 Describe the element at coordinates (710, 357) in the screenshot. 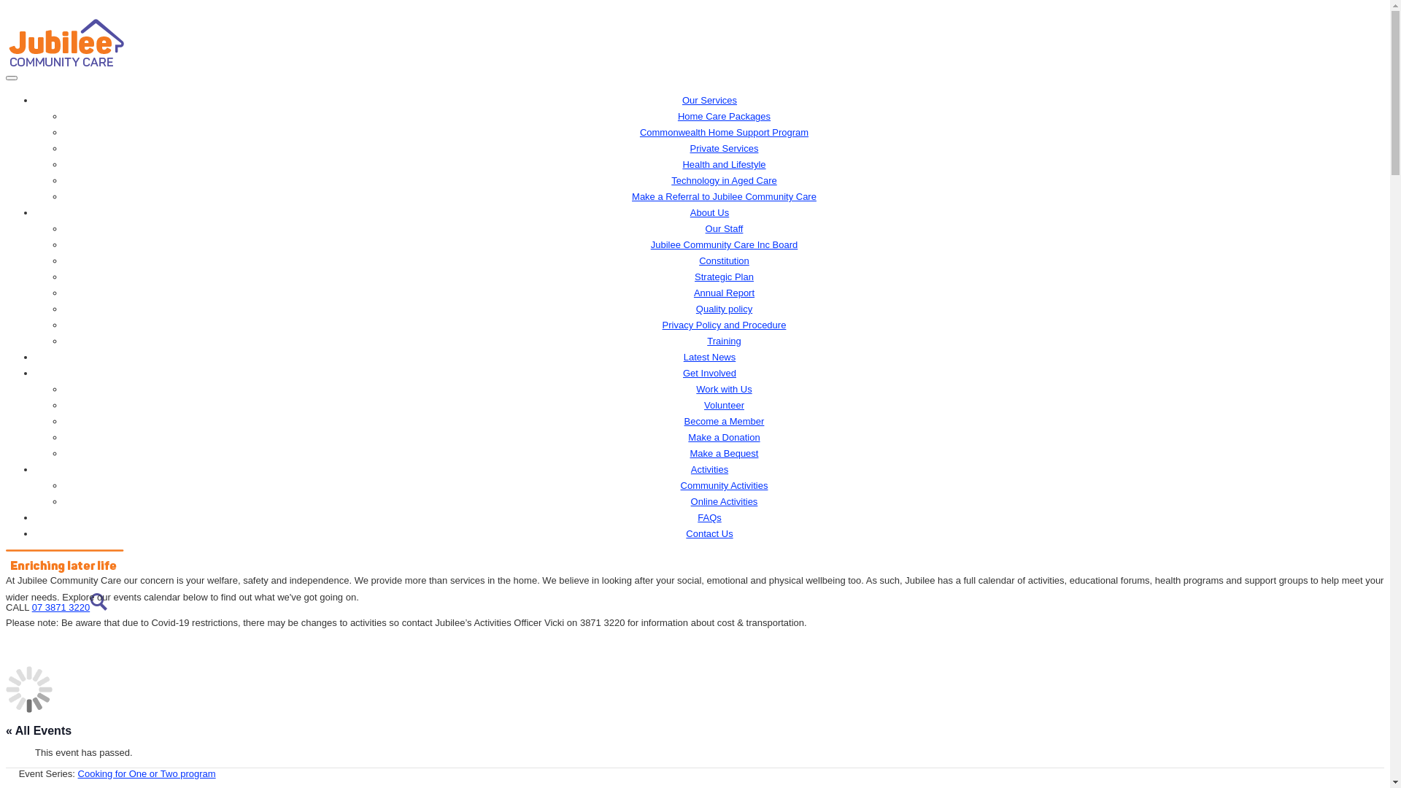

I see `'Latest News'` at that location.